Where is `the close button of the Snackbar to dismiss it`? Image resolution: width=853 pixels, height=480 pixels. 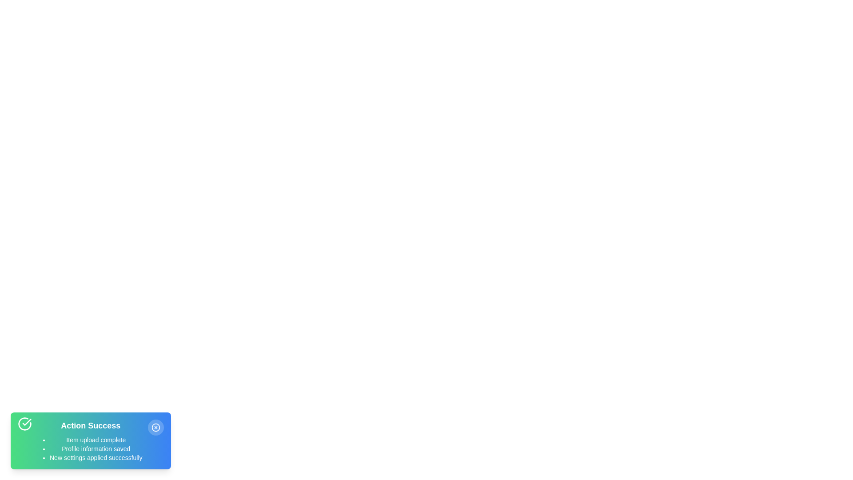 the close button of the Snackbar to dismiss it is located at coordinates (155, 427).